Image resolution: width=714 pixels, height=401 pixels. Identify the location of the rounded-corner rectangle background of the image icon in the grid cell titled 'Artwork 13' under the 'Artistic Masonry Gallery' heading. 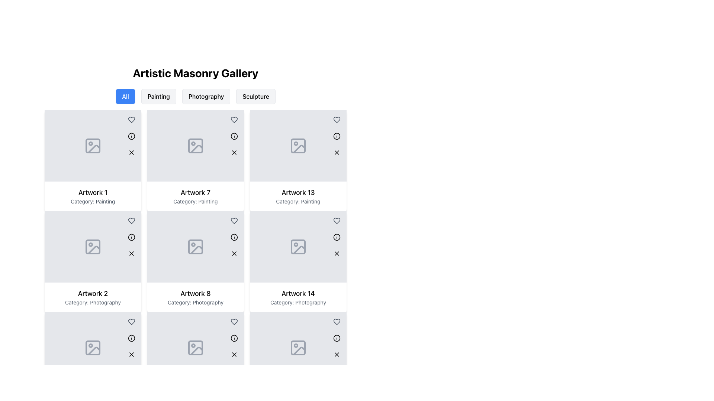
(298, 247).